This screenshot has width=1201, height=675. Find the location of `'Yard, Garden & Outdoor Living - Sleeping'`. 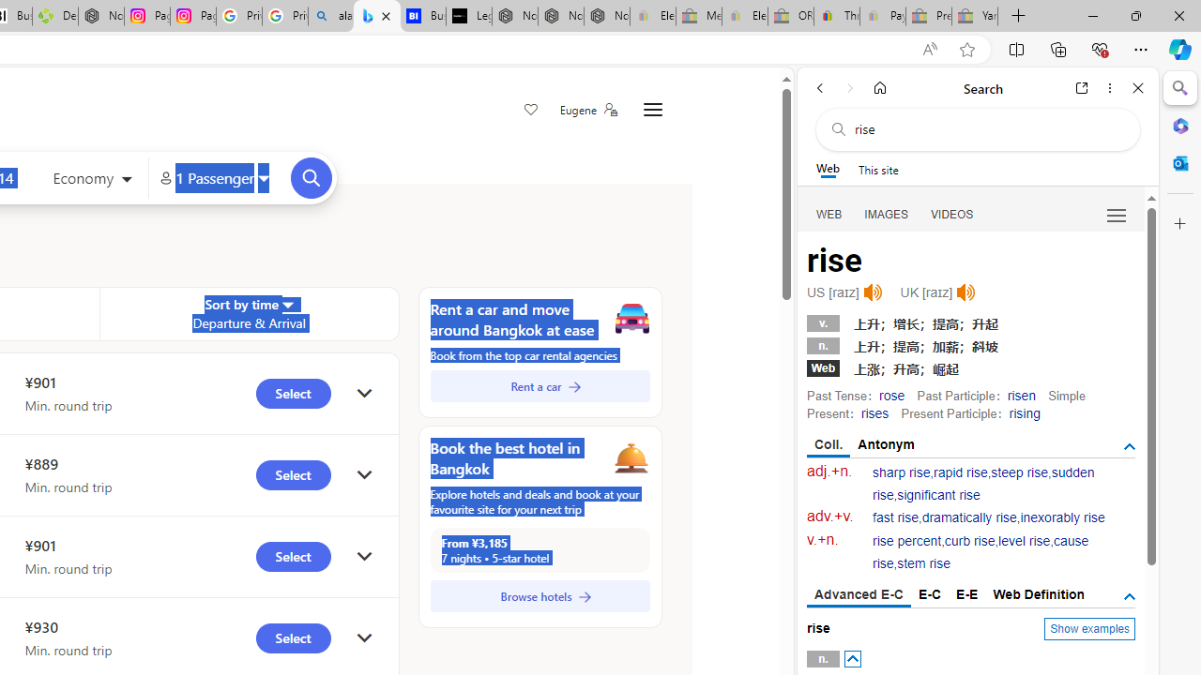

'Yard, Garden & Outdoor Living - Sleeping' is located at coordinates (975, 16).